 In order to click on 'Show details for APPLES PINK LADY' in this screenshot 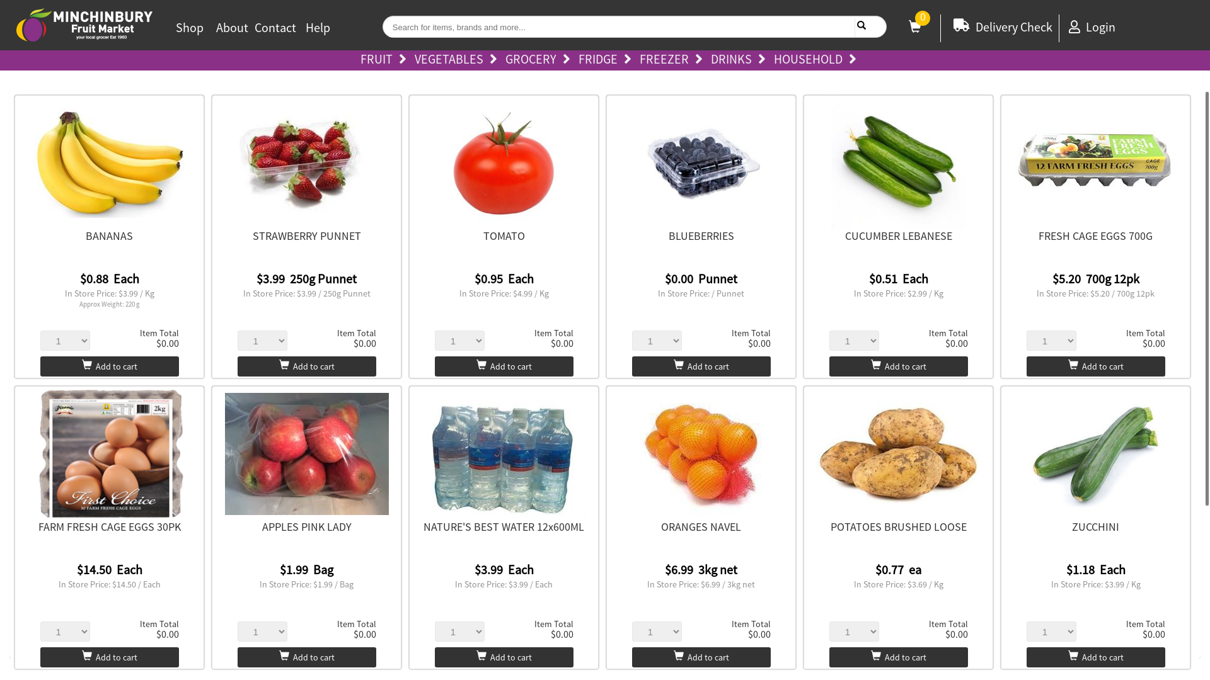, I will do `click(306, 454)`.